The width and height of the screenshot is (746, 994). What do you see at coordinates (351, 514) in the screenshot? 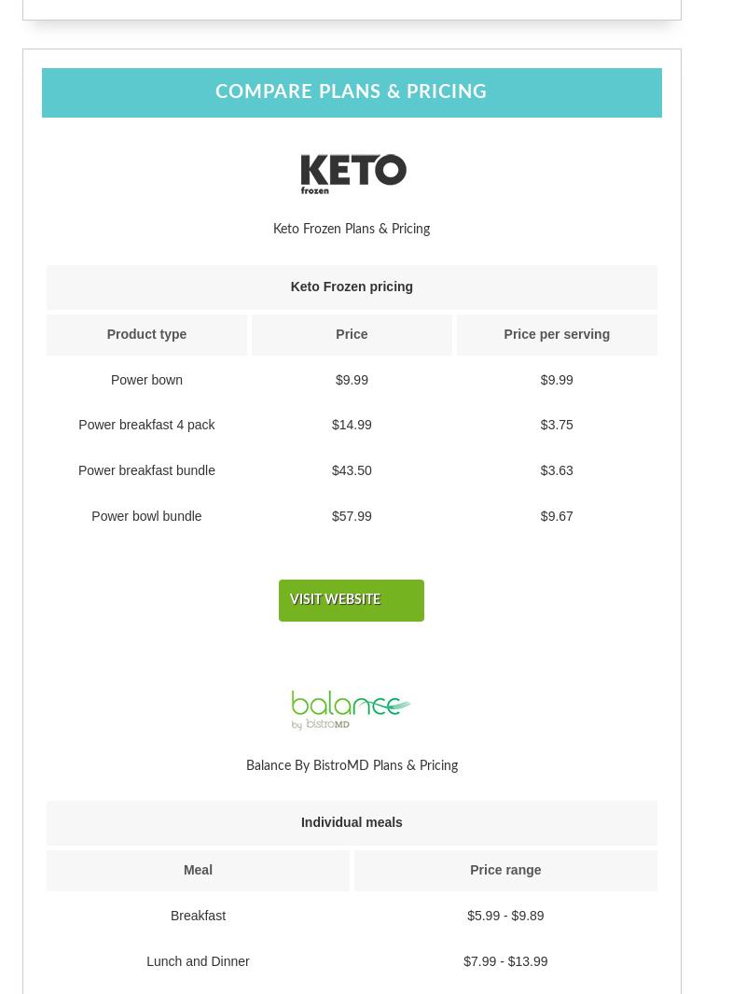
I see `'$57.99'` at bounding box center [351, 514].